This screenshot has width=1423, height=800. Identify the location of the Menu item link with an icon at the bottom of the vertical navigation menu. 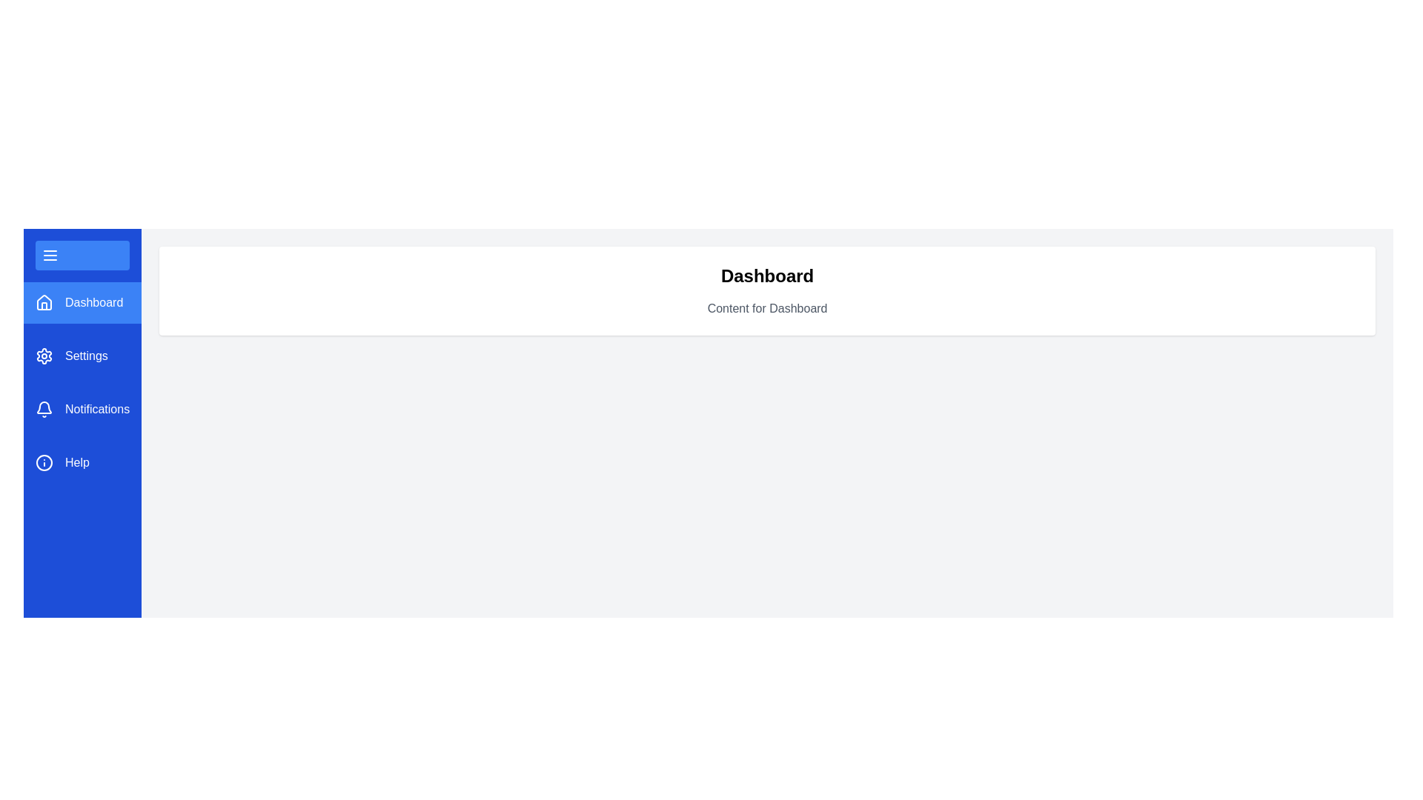
(82, 461).